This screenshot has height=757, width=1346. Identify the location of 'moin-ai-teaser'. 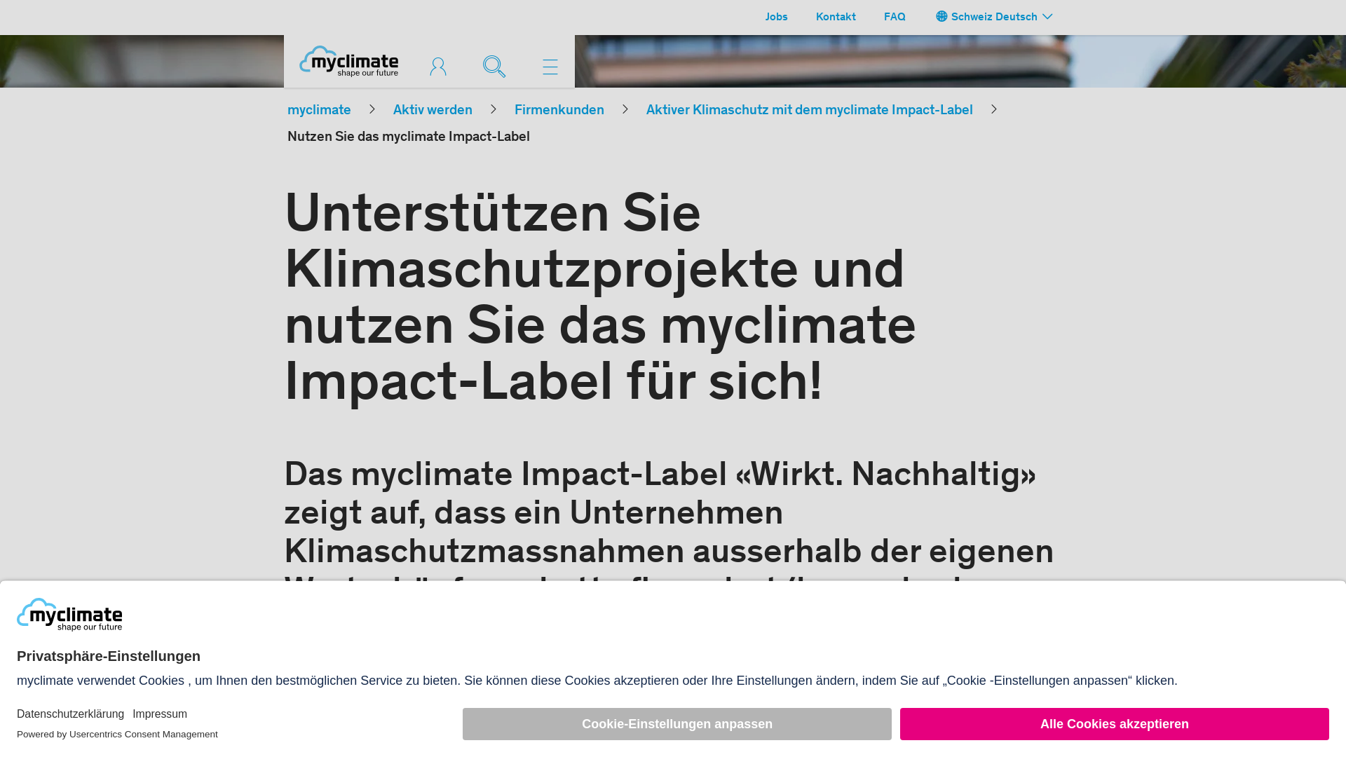
(1195, 683).